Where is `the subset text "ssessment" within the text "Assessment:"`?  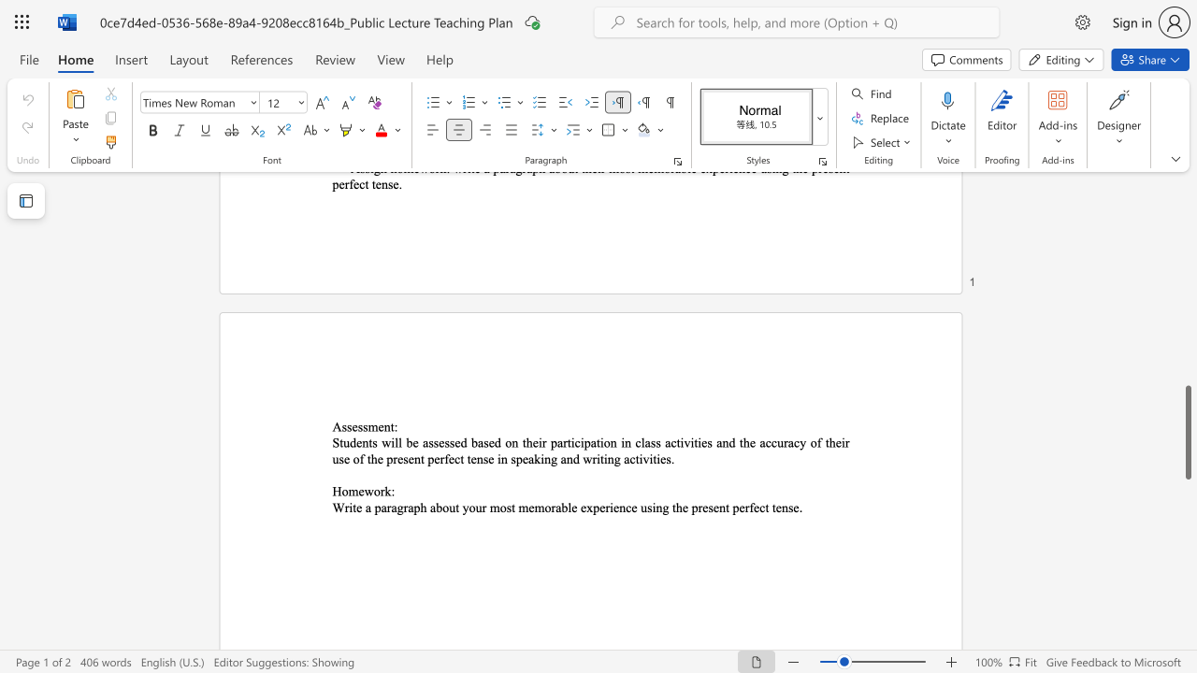 the subset text "ssessment" within the text "Assessment:" is located at coordinates (341, 426).